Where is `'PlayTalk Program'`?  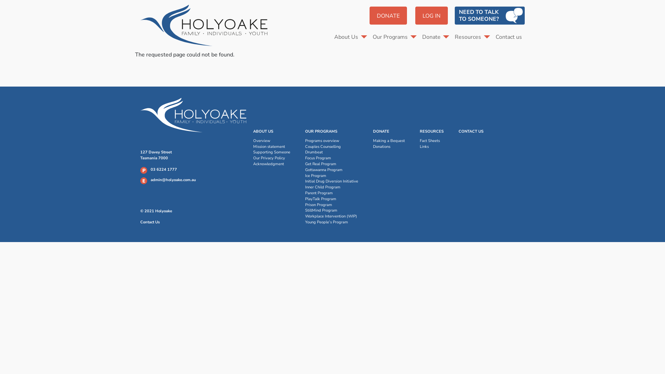
'PlayTalk Program' is located at coordinates (331, 199).